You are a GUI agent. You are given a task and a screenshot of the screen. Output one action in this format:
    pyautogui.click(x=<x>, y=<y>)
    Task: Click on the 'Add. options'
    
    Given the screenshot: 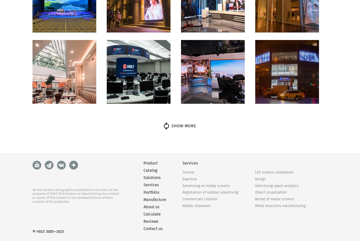 What is the action you would take?
    pyautogui.click(x=290, y=201)
    